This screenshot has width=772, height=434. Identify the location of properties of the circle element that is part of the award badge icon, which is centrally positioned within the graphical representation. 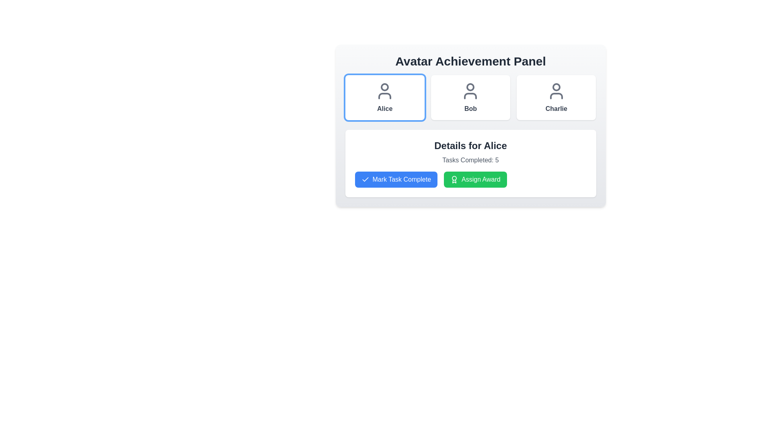
(454, 178).